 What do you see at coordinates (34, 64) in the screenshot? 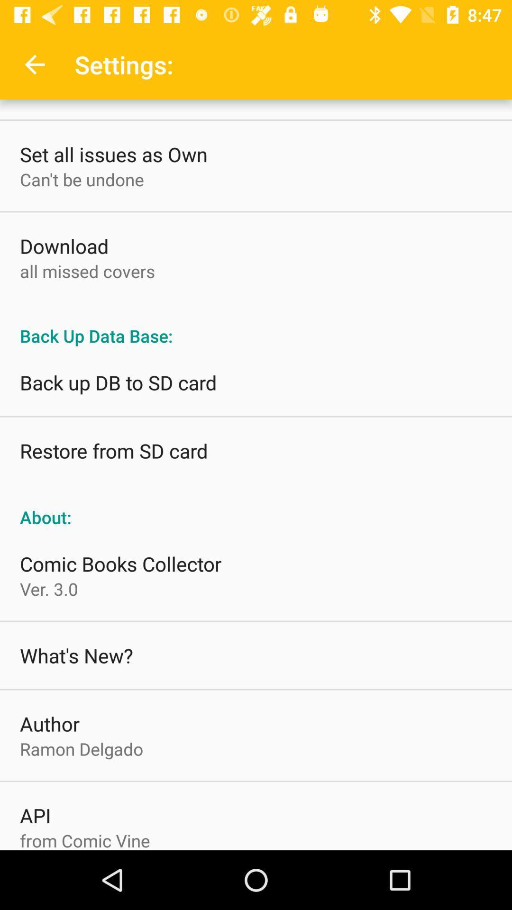
I see `the app to the left of settings:` at bounding box center [34, 64].